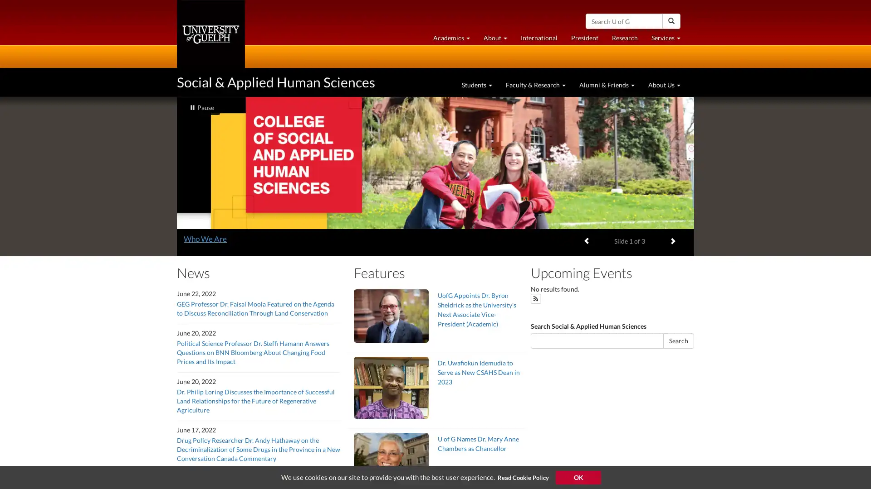  What do you see at coordinates (664, 85) in the screenshot?
I see `About Us` at bounding box center [664, 85].